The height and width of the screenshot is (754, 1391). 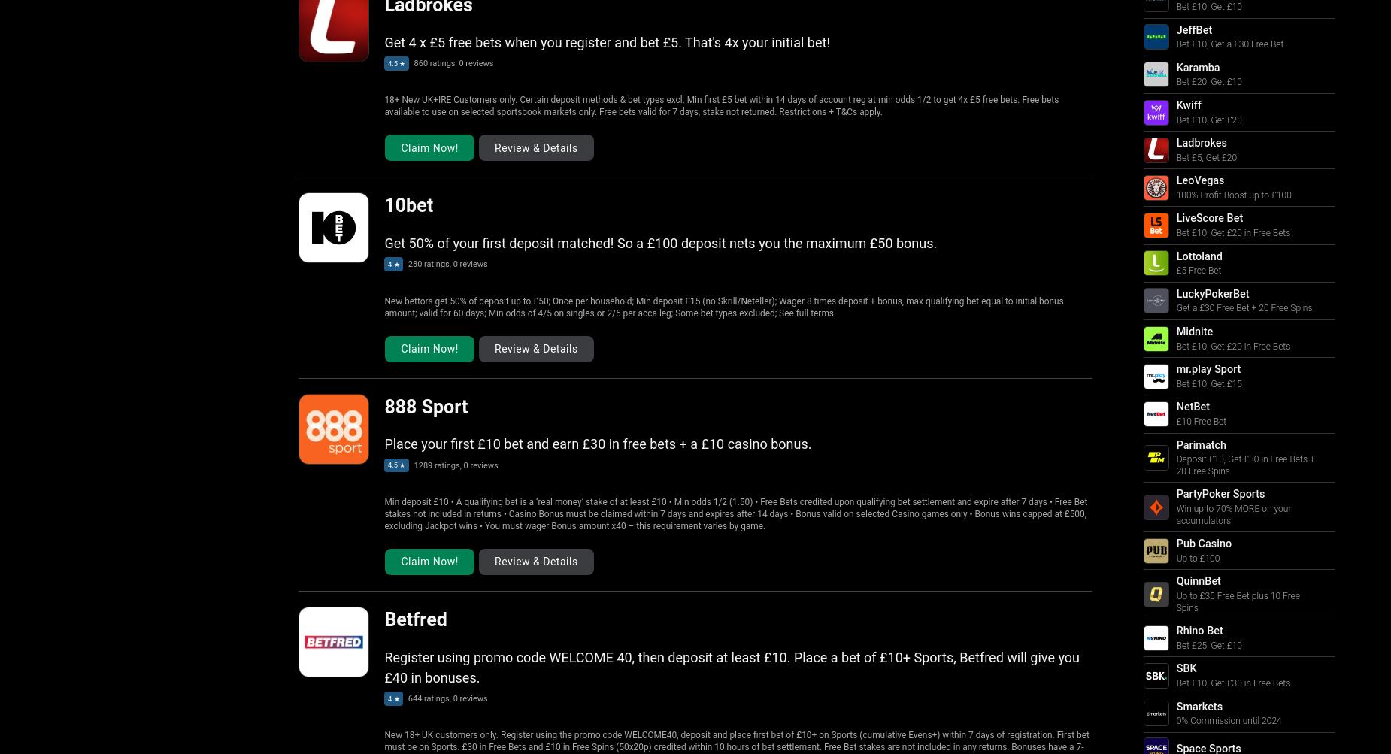 I want to click on 'Betfred', so click(x=415, y=619).